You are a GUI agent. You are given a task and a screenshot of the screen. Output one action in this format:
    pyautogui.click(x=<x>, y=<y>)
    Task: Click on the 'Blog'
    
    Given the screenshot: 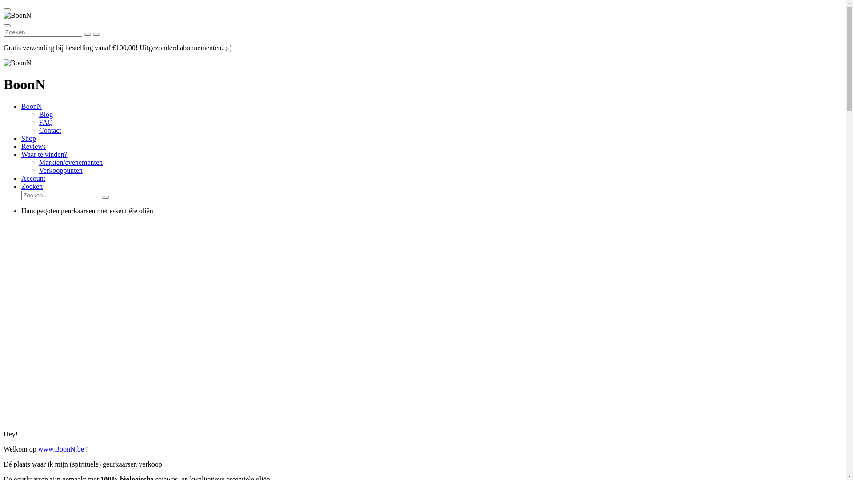 What is the action you would take?
    pyautogui.click(x=45, y=114)
    